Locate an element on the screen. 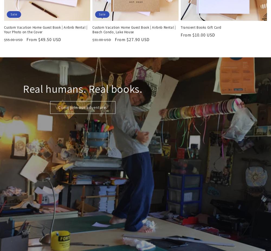  '$31.00 USD' is located at coordinates (101, 39).